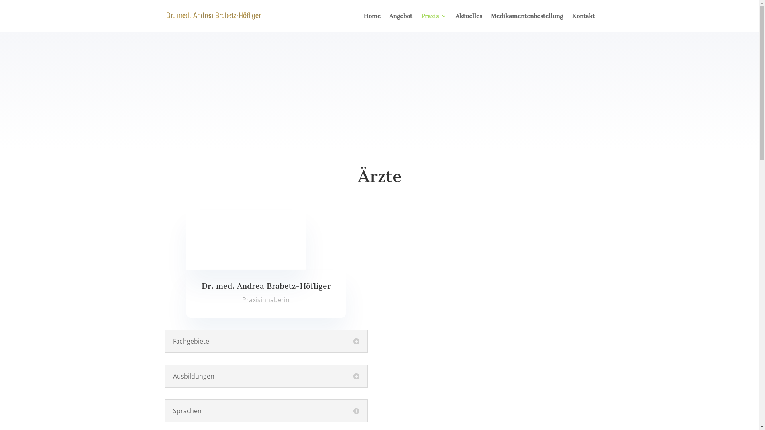  I want to click on 'Medikamentenbestellung', so click(527, 22).